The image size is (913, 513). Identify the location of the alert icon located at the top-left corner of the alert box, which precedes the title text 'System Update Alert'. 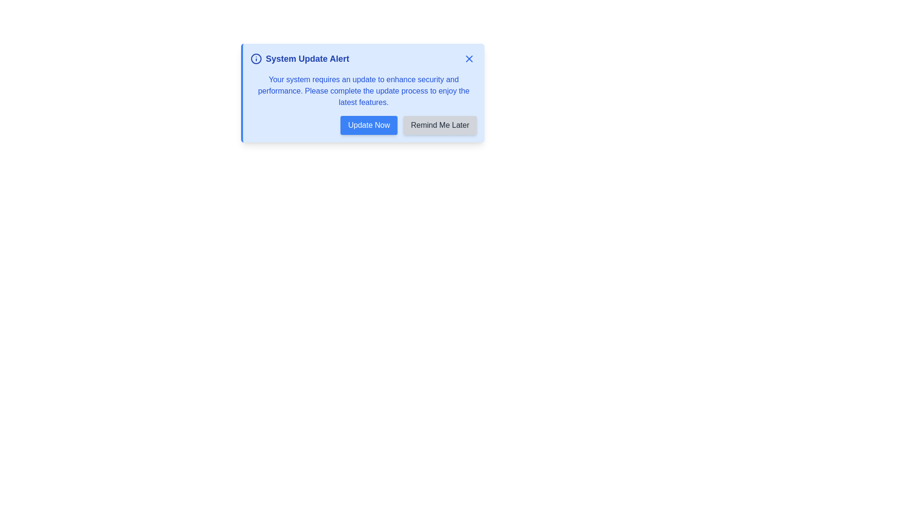
(256, 58).